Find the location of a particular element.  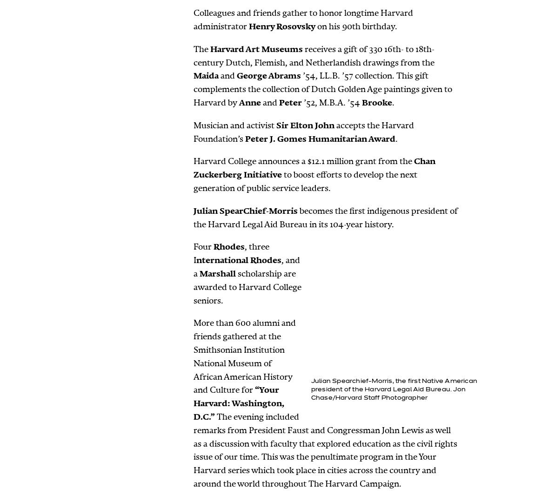

'Peter' is located at coordinates (278, 102).